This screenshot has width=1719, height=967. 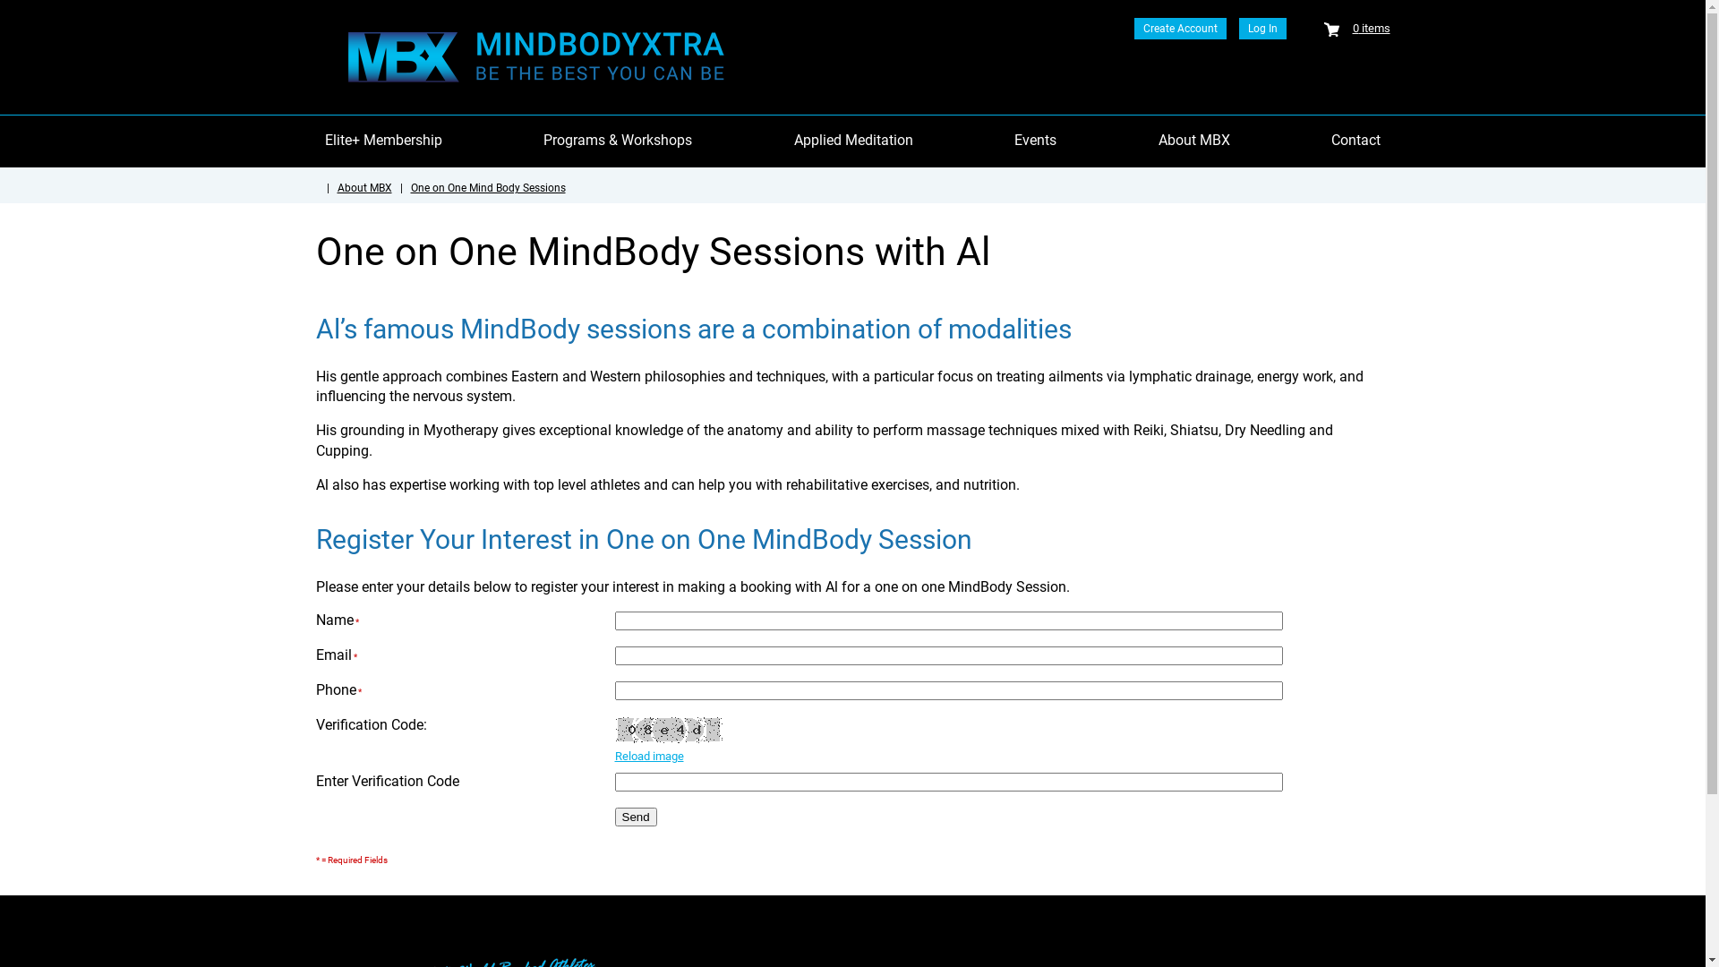 What do you see at coordinates (1035, 140) in the screenshot?
I see `'Events'` at bounding box center [1035, 140].